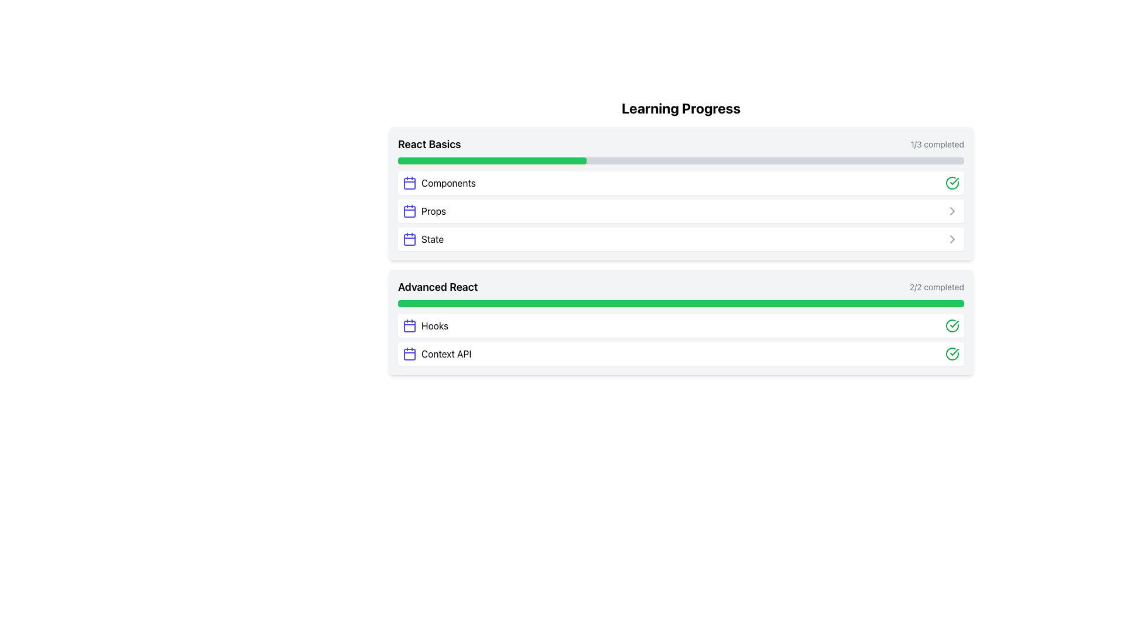 The height and width of the screenshot is (632, 1124). What do you see at coordinates (410, 183) in the screenshot?
I see `the graphical calendar icon located to the left of the text 'Components' in the 'React Basics' section` at bounding box center [410, 183].